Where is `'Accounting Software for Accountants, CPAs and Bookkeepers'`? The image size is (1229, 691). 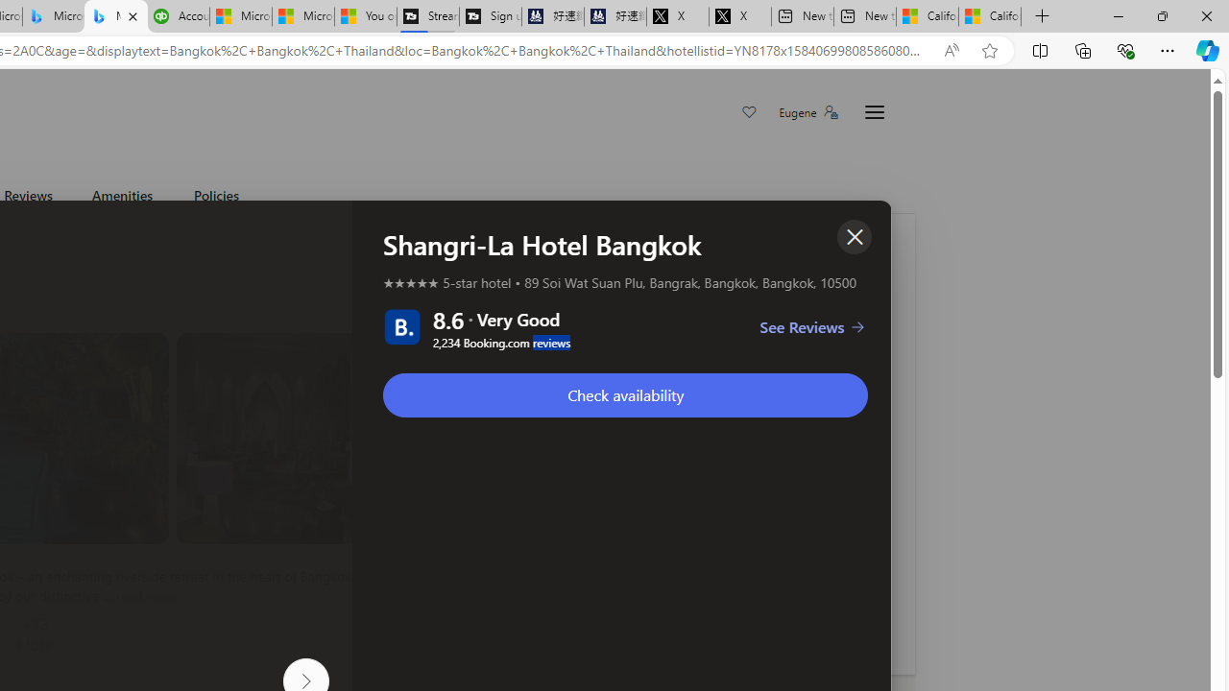
'Accounting Software for Accountants, CPAs and Bookkeepers' is located at coordinates (178, 16).